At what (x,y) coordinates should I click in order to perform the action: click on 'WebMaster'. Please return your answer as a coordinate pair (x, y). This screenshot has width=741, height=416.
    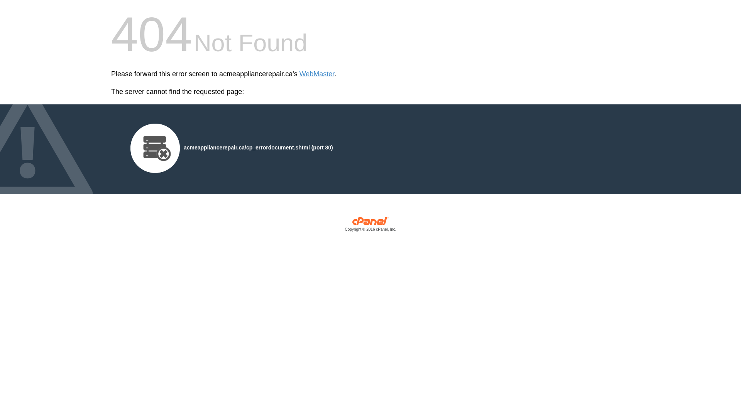
    Looking at the image, I should click on (317, 74).